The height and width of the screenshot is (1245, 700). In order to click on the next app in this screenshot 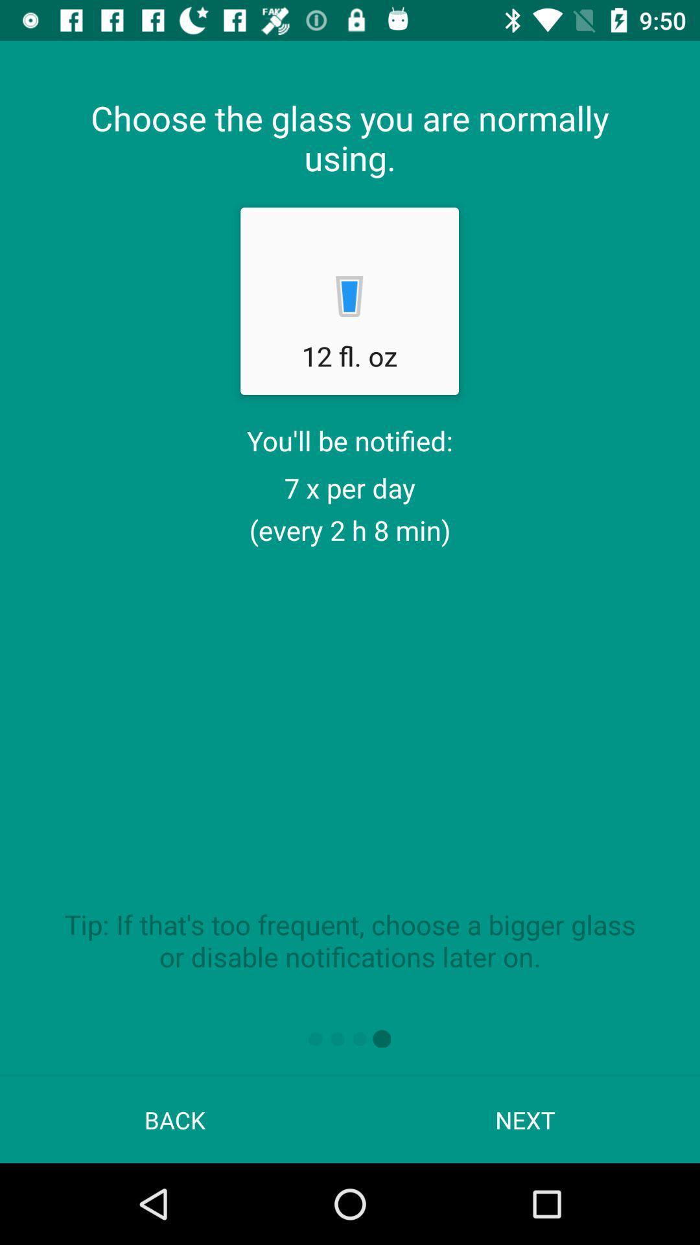, I will do `click(525, 1119)`.